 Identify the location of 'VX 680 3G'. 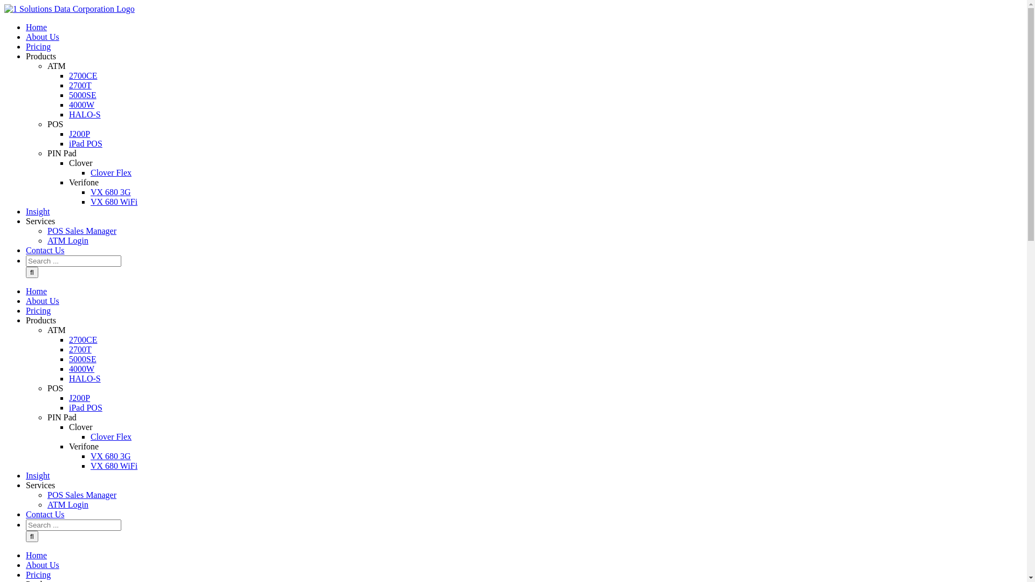
(111, 456).